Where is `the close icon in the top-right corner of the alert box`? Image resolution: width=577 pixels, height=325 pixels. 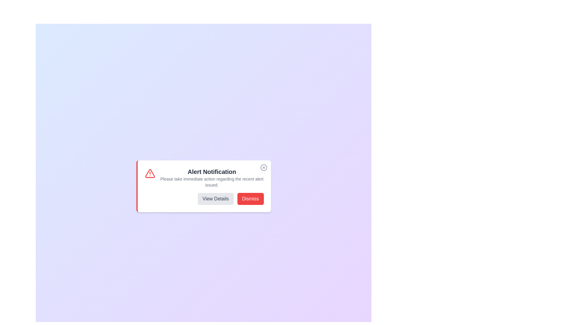 the close icon in the top-right corner of the alert box is located at coordinates (264, 167).